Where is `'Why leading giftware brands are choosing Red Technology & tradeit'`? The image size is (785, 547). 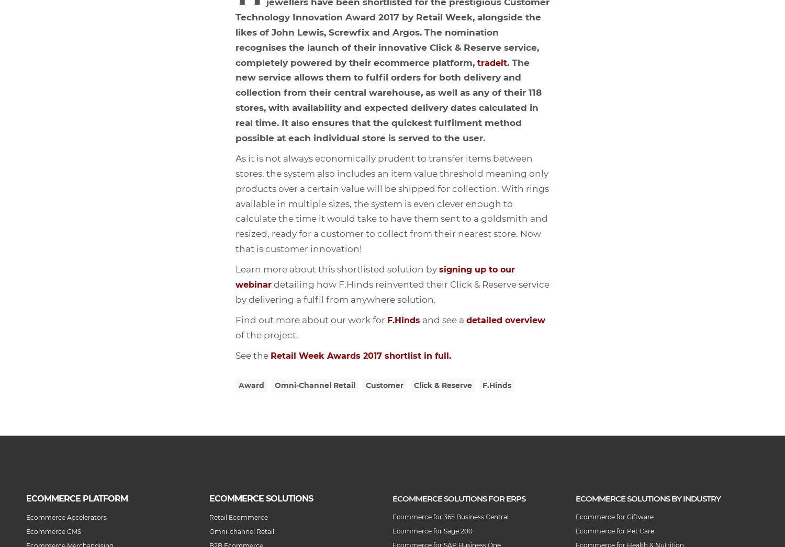
'Why leading giftware brands are choosing Red Technology & tradeit' is located at coordinates (0, 121).